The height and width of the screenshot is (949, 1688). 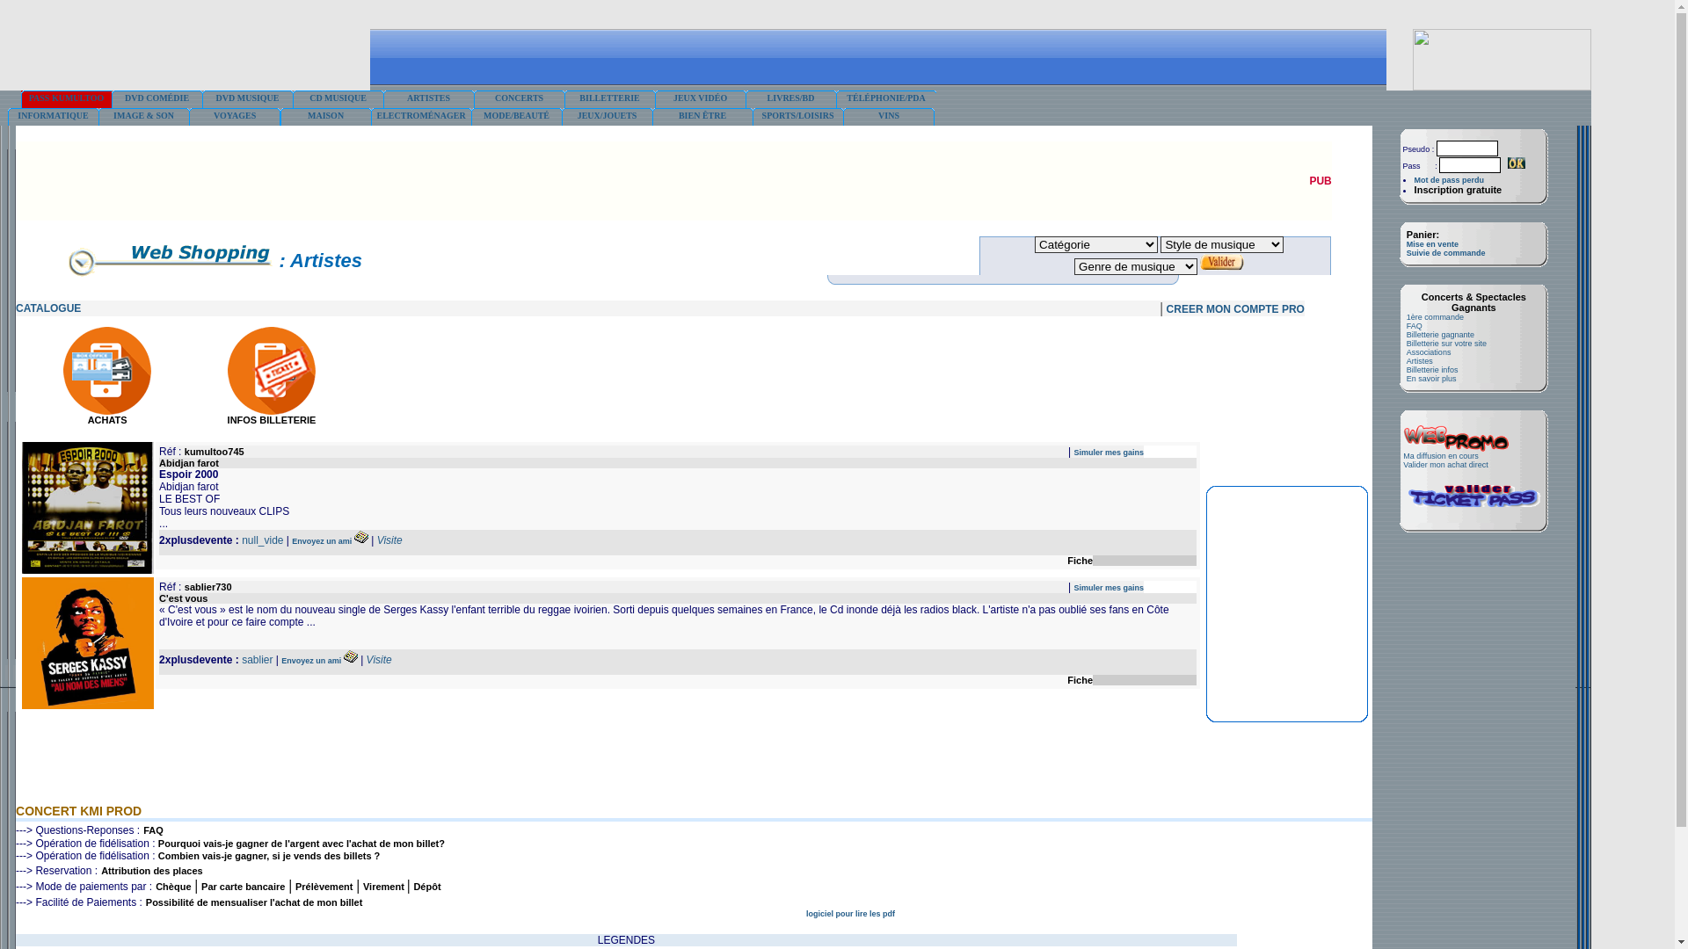 I want to click on 'ARTISTES', so click(x=428, y=98).